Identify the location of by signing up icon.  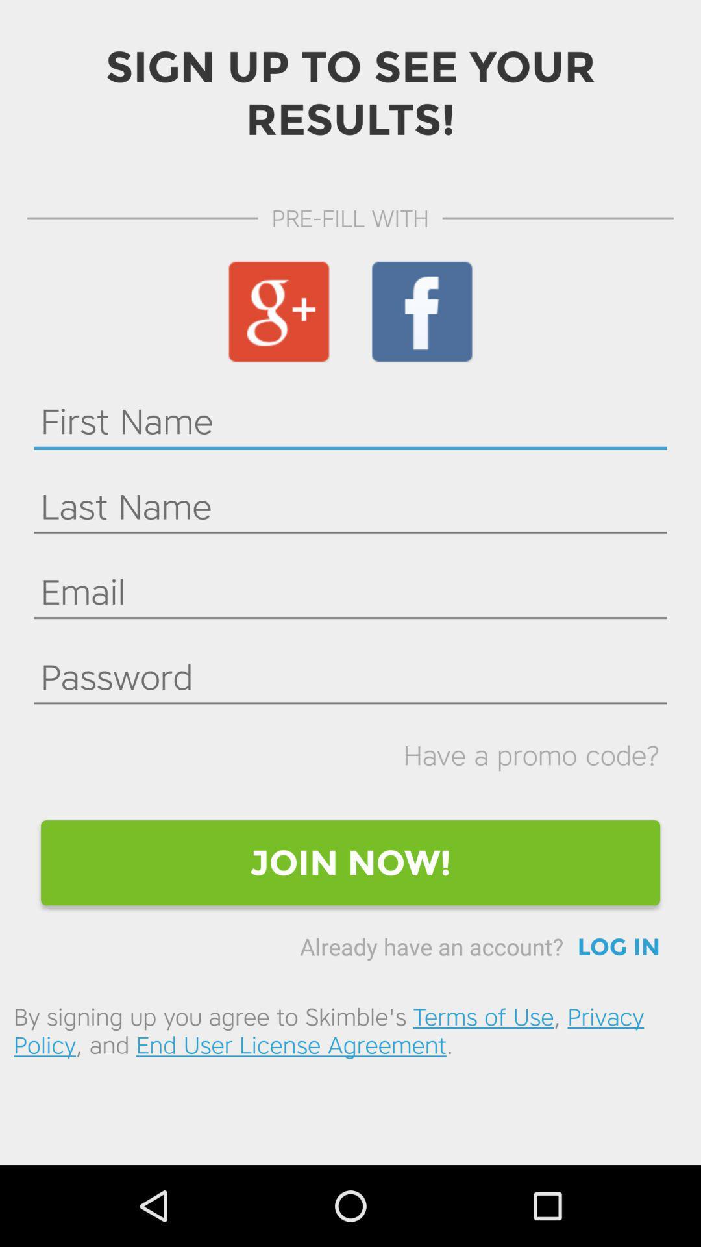
(350, 1030).